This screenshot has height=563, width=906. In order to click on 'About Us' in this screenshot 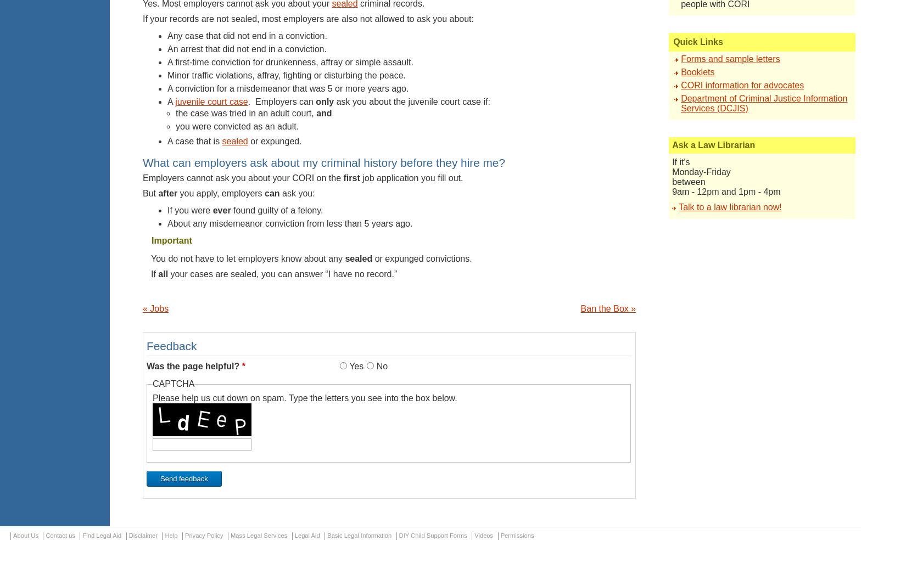, I will do `click(26, 535)`.